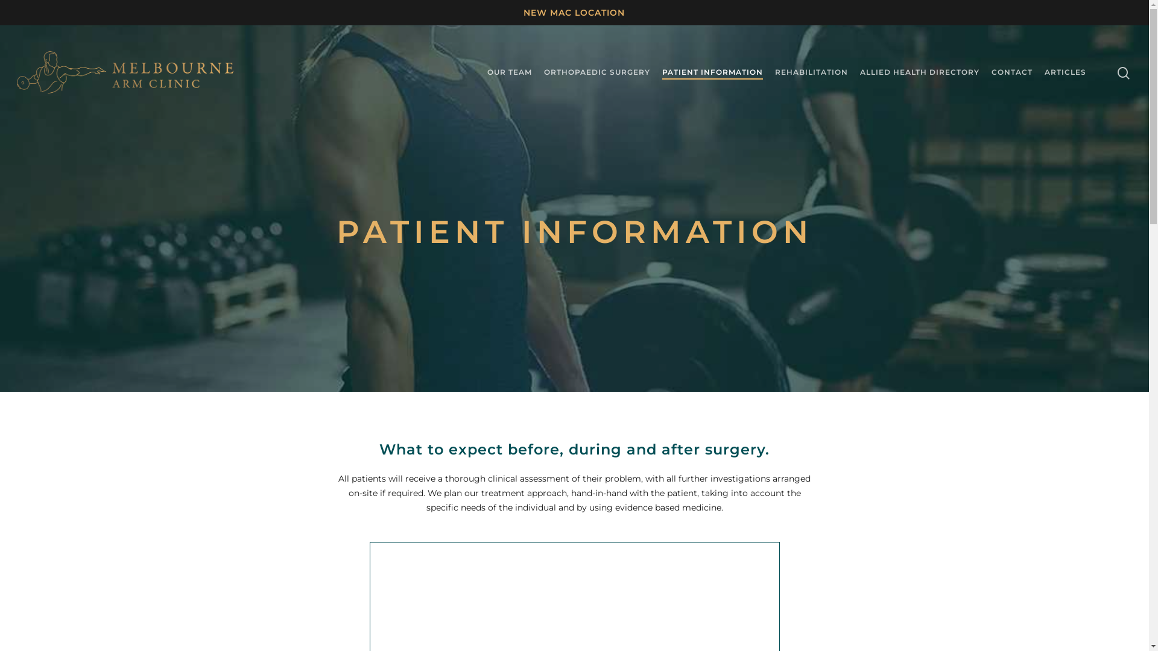  Describe the element at coordinates (712, 72) in the screenshot. I see `'PATIENT INFORMATION'` at that location.